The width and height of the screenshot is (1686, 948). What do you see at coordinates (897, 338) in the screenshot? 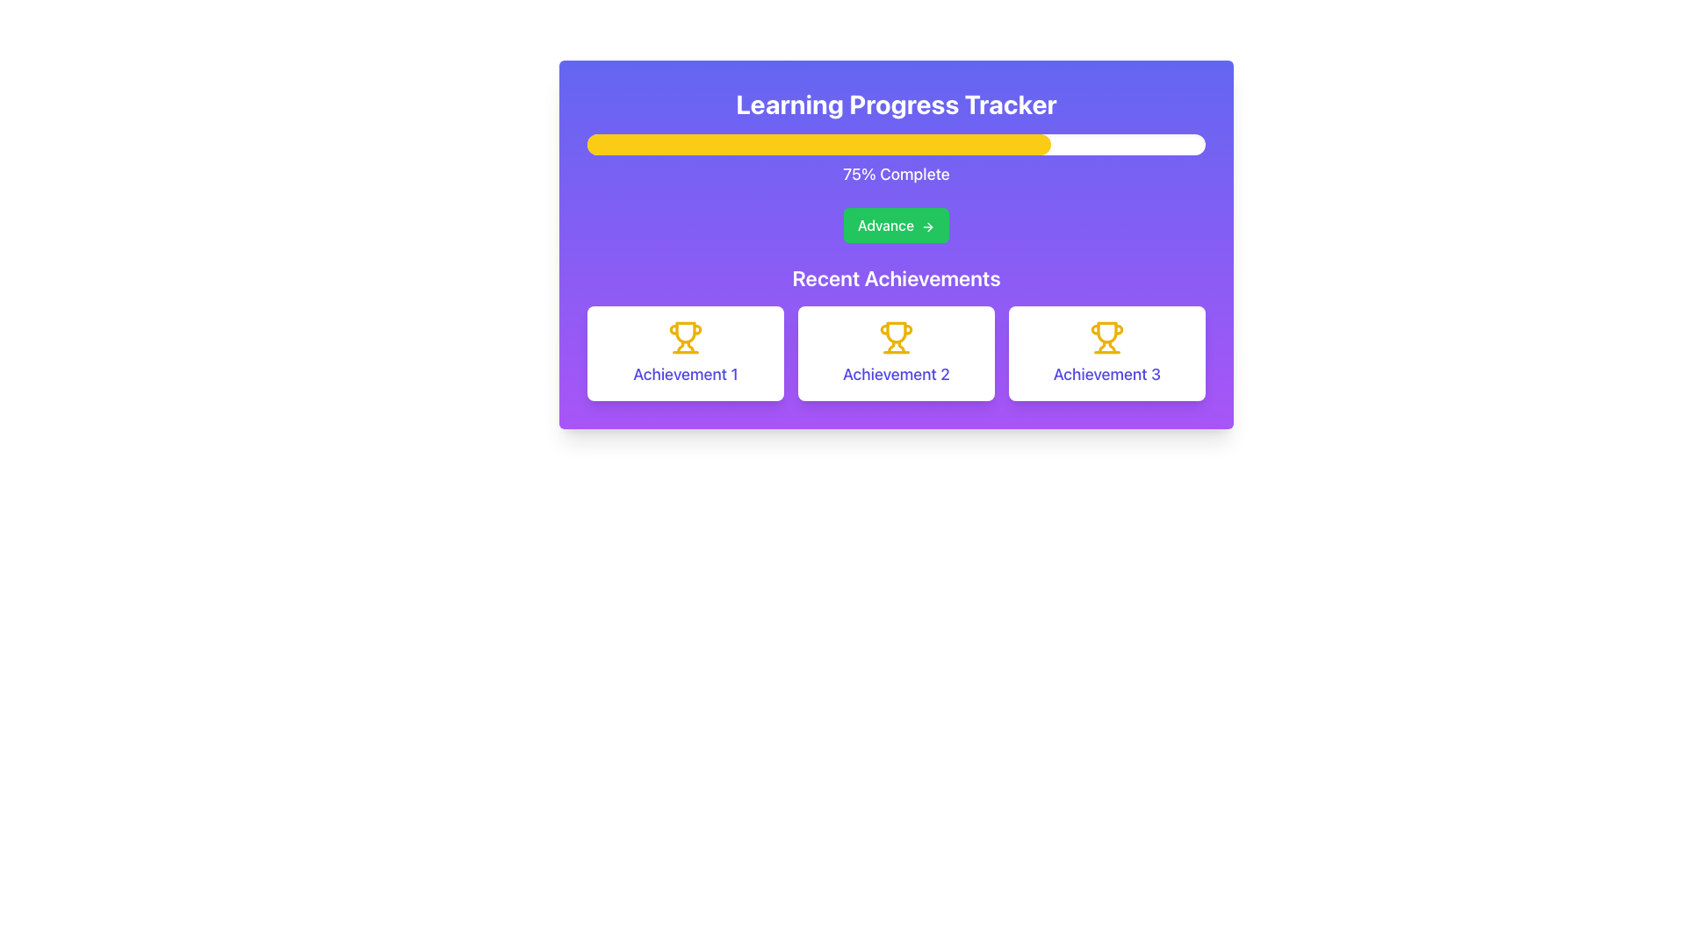
I see `the trophy icon, which is bright yellow, modern in design, and located in the center of the 'Achievement 2' card under the 'Recent Achievements' section` at bounding box center [897, 338].